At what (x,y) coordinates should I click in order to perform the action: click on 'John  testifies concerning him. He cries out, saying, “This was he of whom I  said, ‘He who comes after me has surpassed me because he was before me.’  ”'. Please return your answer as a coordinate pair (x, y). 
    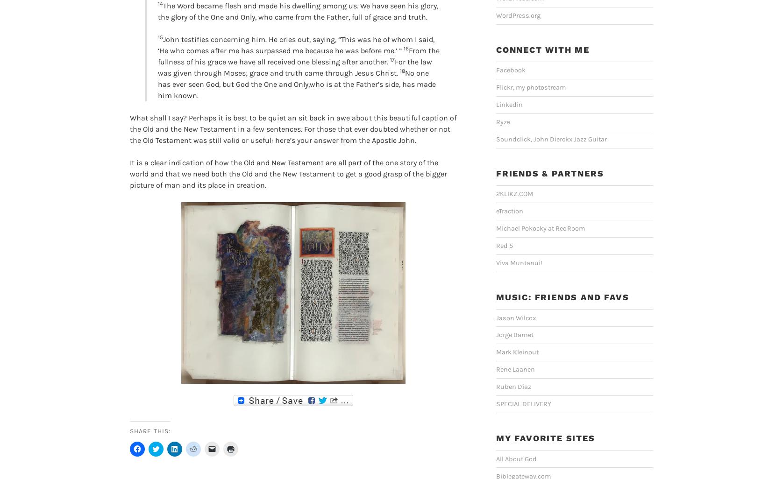
    Looking at the image, I should click on (296, 44).